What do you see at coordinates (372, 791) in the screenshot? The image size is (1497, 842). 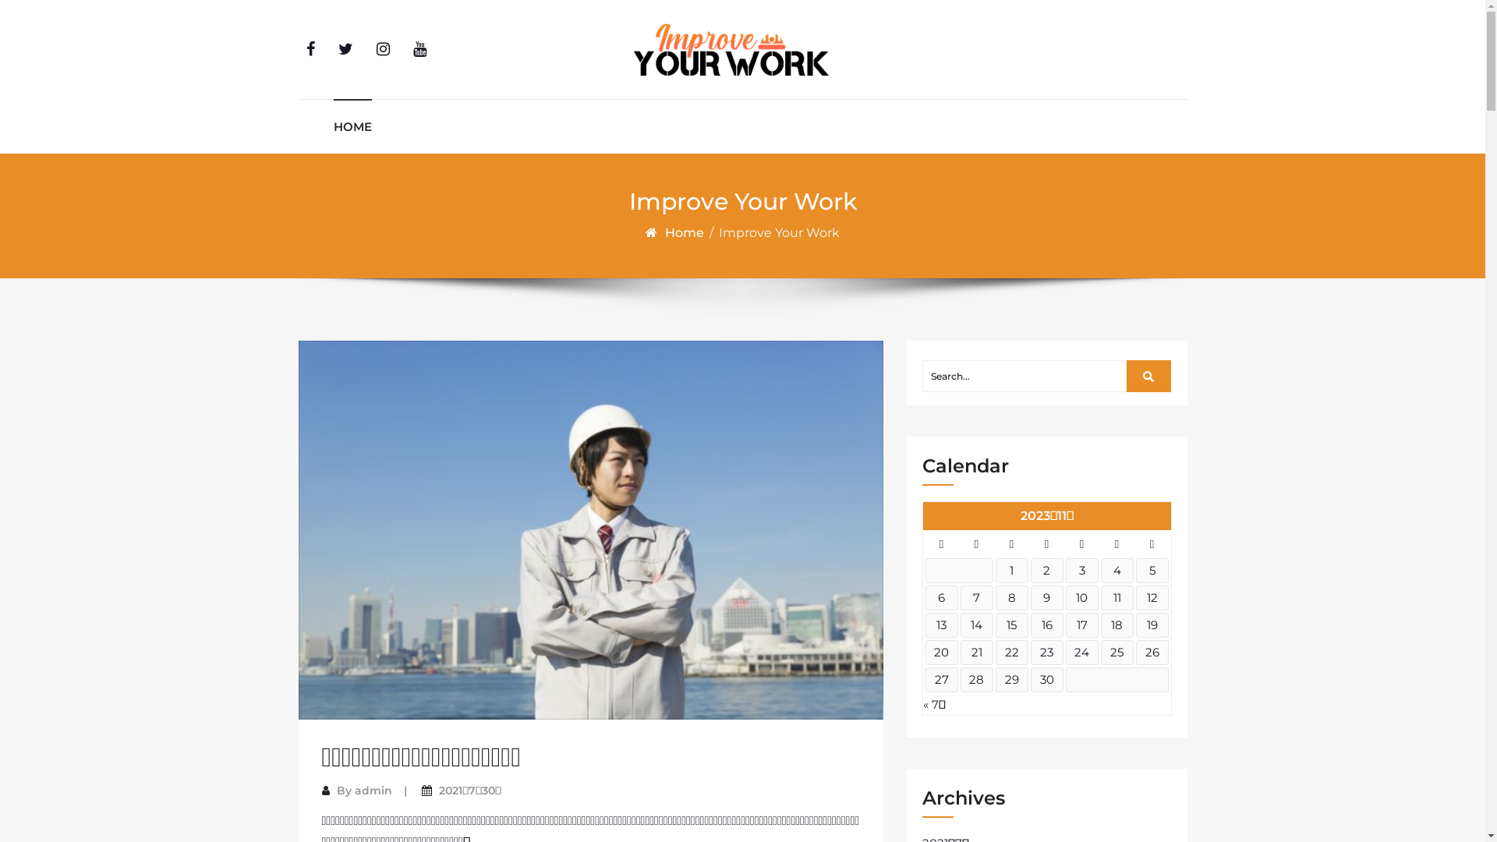 I see `'admin'` at bounding box center [372, 791].